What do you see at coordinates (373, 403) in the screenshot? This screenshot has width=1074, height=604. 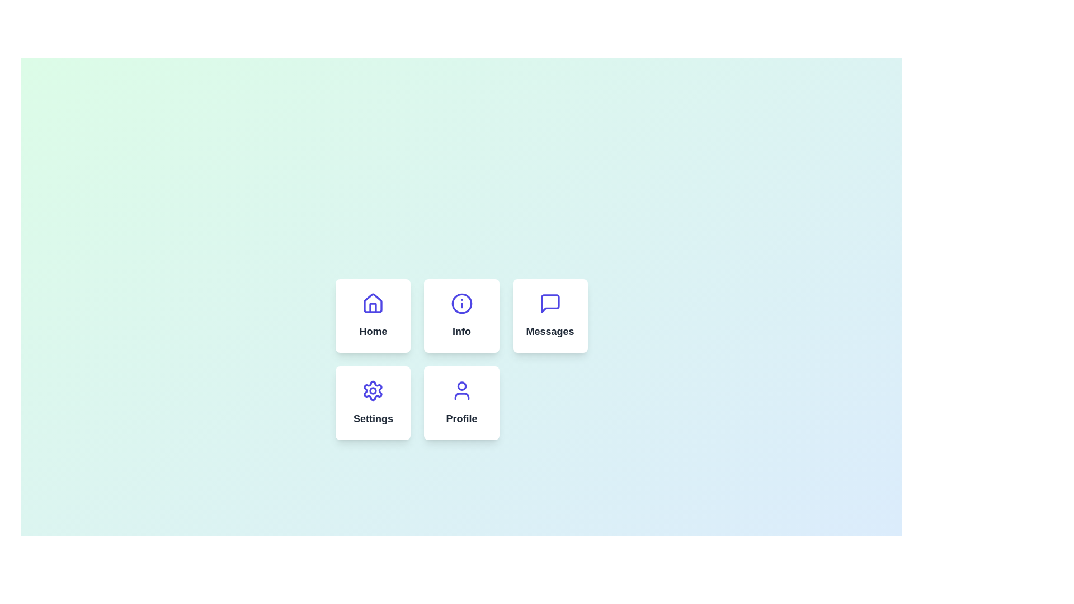 I see `the 'Settings' card, which features a purple gear icon and bold black text` at bounding box center [373, 403].